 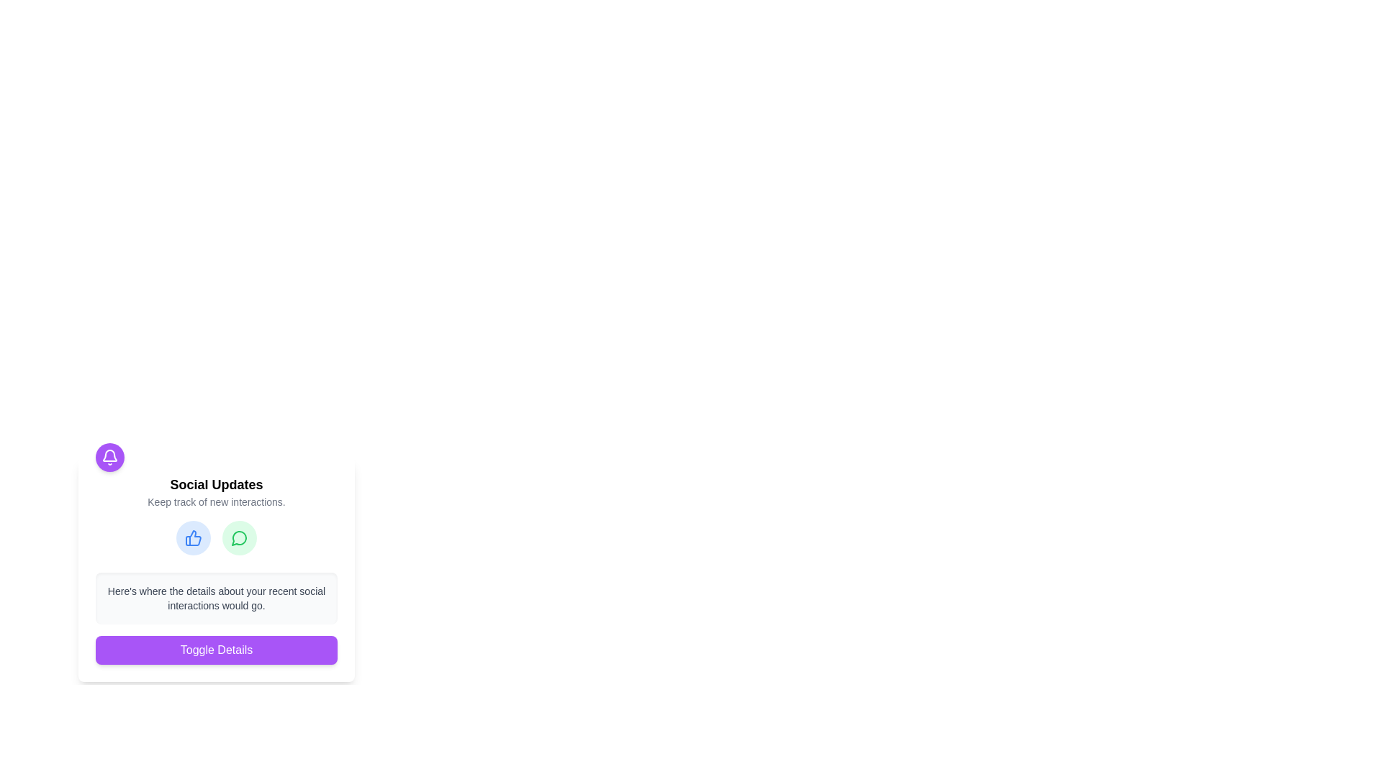 What do you see at coordinates (216, 650) in the screenshot?
I see `the toggle button located at the bottom of the white card to observe the hover effects it provides` at bounding box center [216, 650].